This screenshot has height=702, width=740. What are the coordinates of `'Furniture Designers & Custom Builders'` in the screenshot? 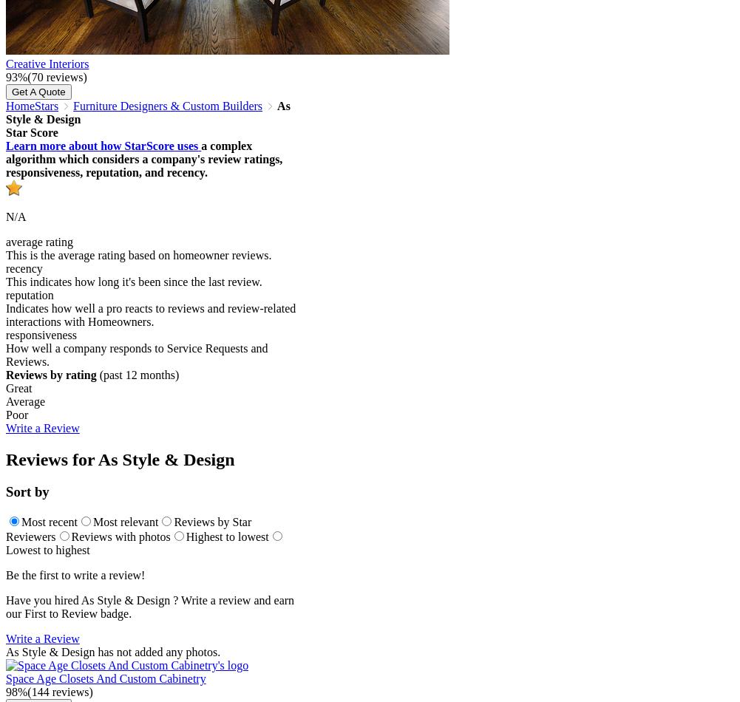 It's located at (167, 105).